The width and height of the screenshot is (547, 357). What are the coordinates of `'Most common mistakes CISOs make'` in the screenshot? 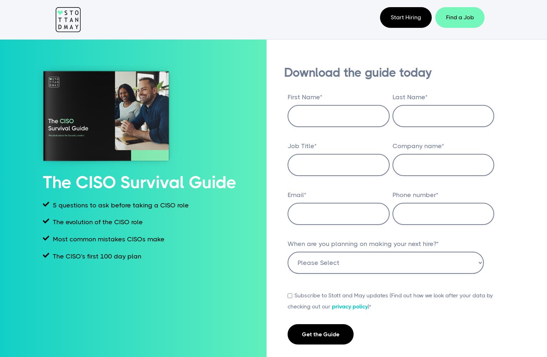 It's located at (107, 239).